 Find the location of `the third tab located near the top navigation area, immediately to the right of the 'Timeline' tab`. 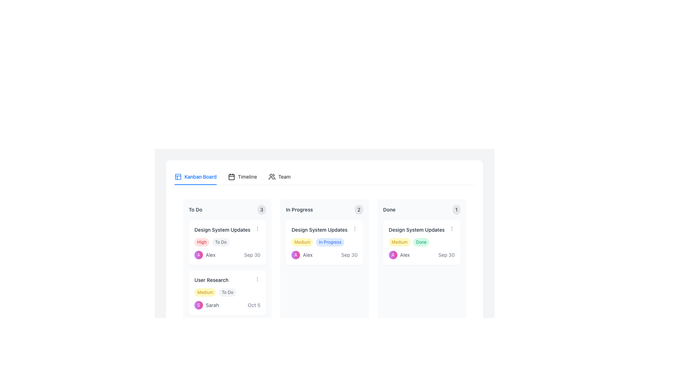

the third tab located near the top navigation area, immediately to the right of the 'Timeline' tab is located at coordinates (279, 176).